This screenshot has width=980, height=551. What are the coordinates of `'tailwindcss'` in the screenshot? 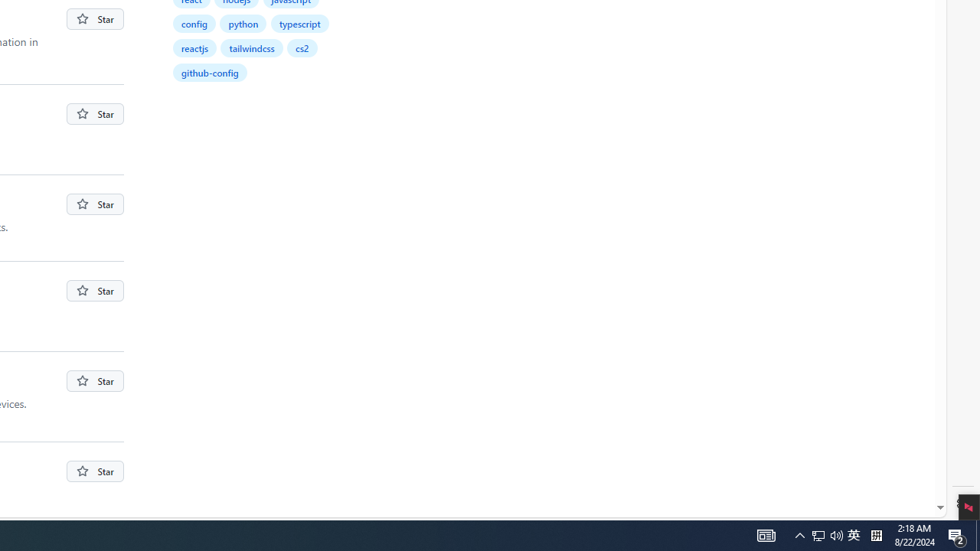 It's located at (251, 47).